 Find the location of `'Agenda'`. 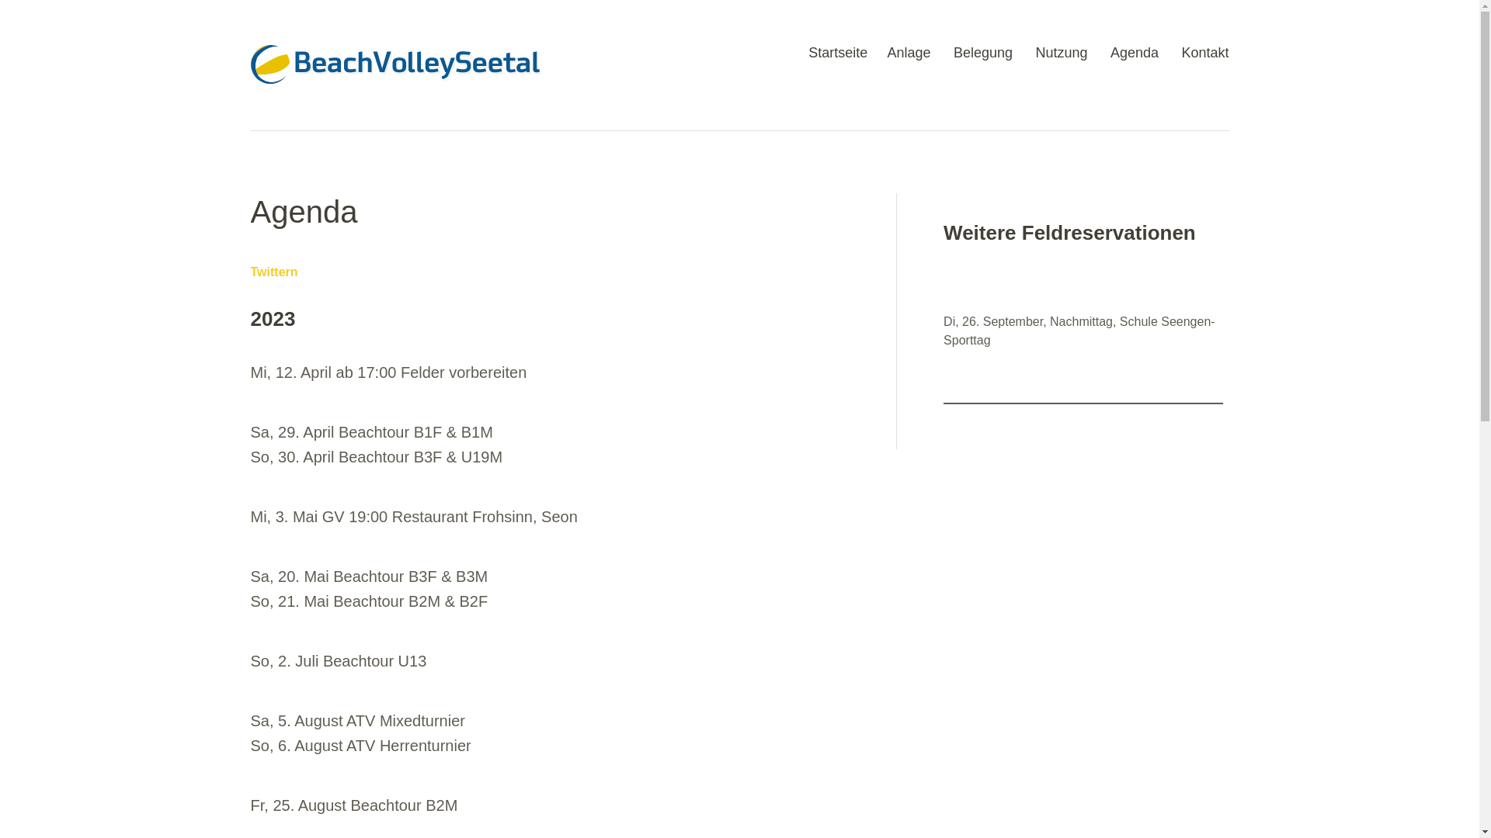

'Agenda' is located at coordinates (1134, 59).